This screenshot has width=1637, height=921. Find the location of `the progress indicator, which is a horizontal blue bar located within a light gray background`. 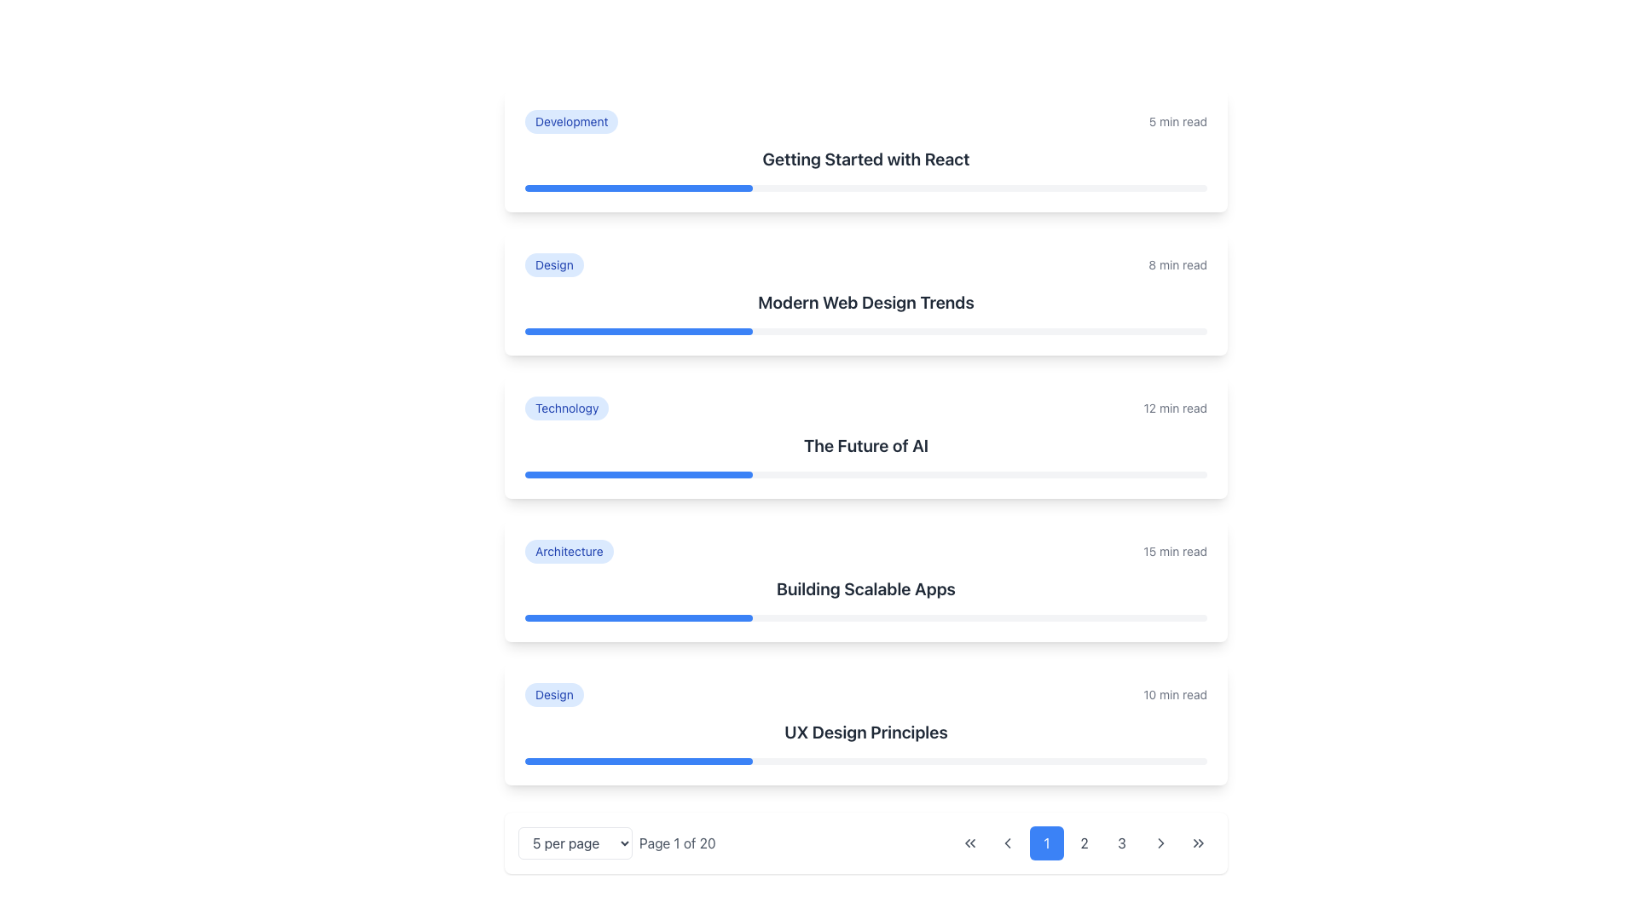

the progress indicator, which is a horizontal blue bar located within a light gray background is located at coordinates (638, 188).